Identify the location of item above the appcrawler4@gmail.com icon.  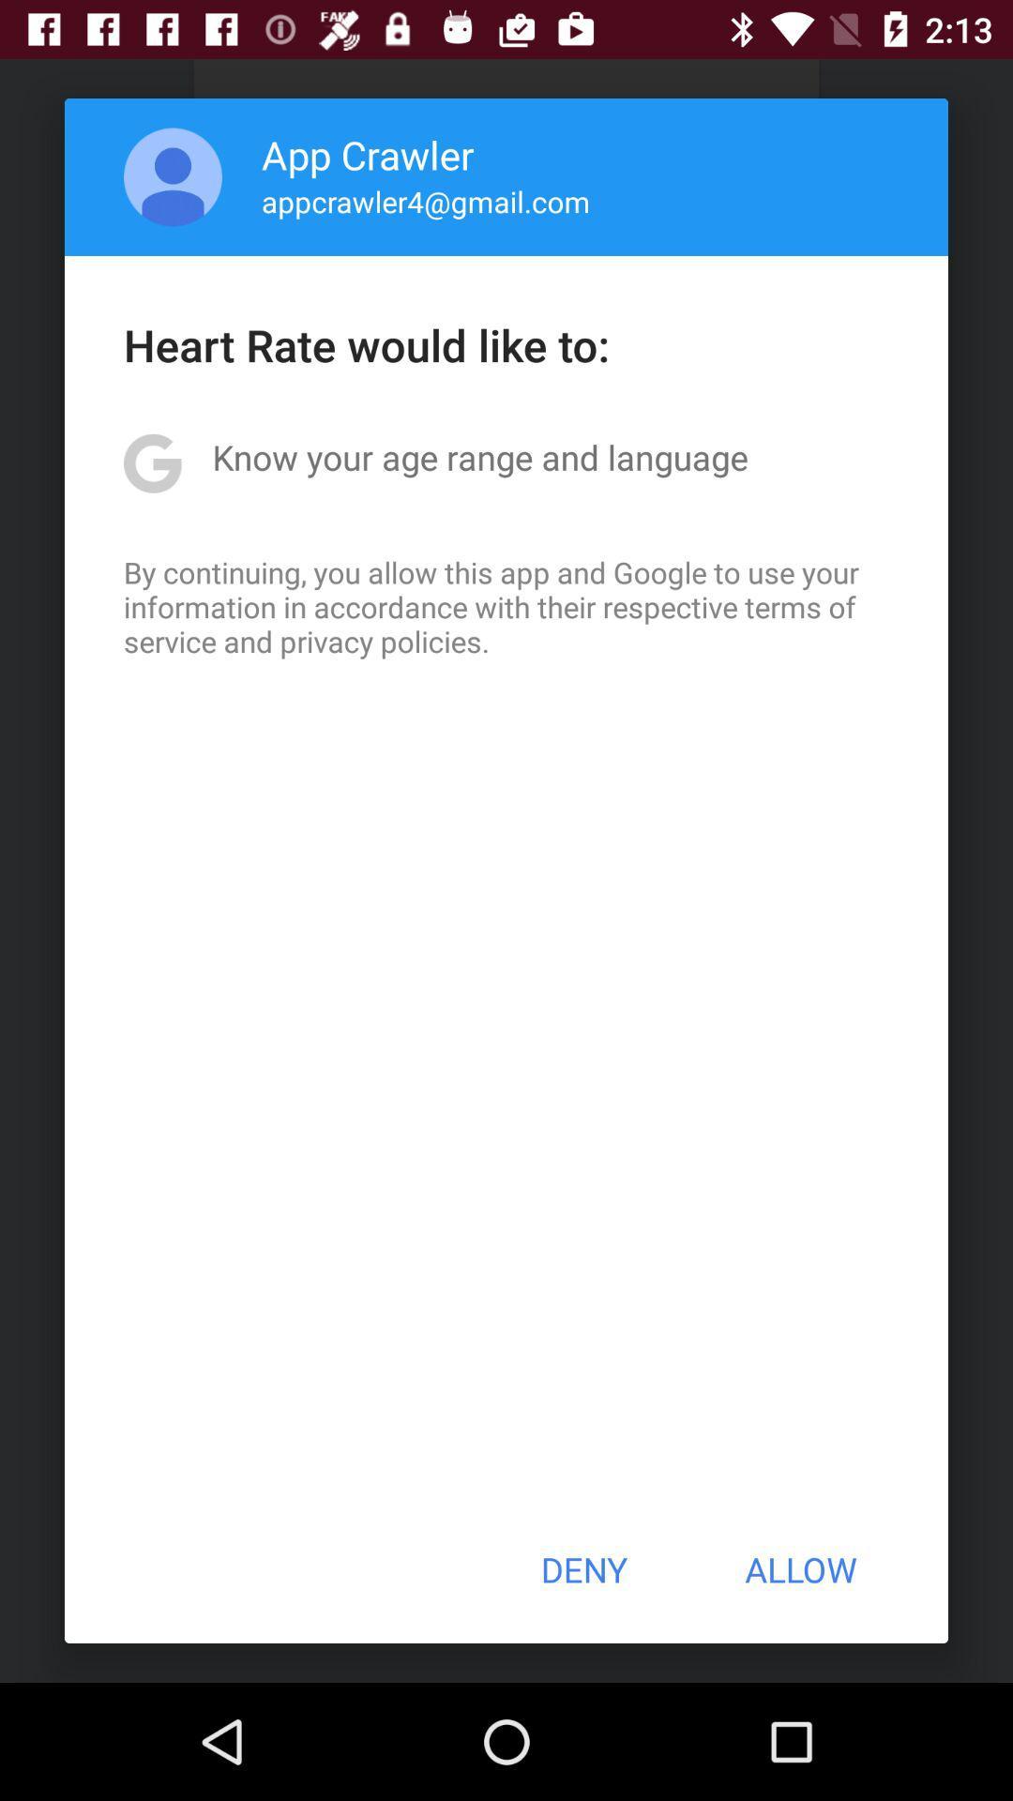
(368, 154).